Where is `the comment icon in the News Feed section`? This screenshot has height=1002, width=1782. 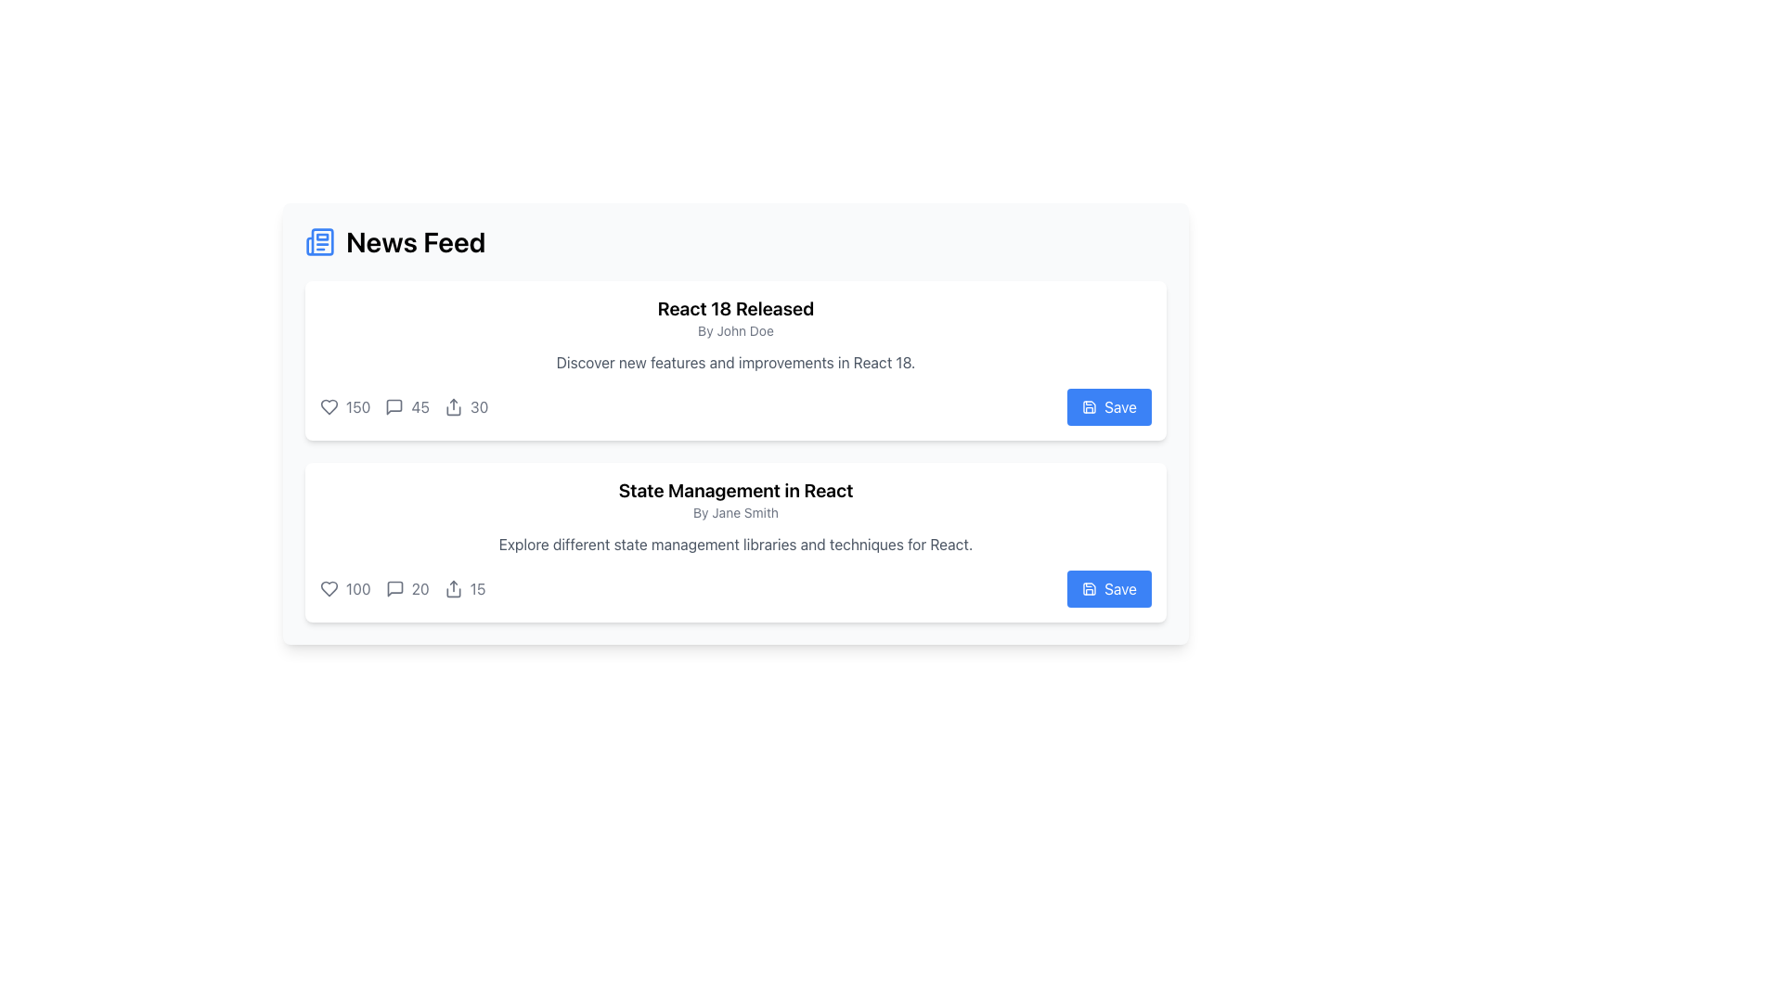 the comment icon in the News Feed section is located at coordinates (394, 406).